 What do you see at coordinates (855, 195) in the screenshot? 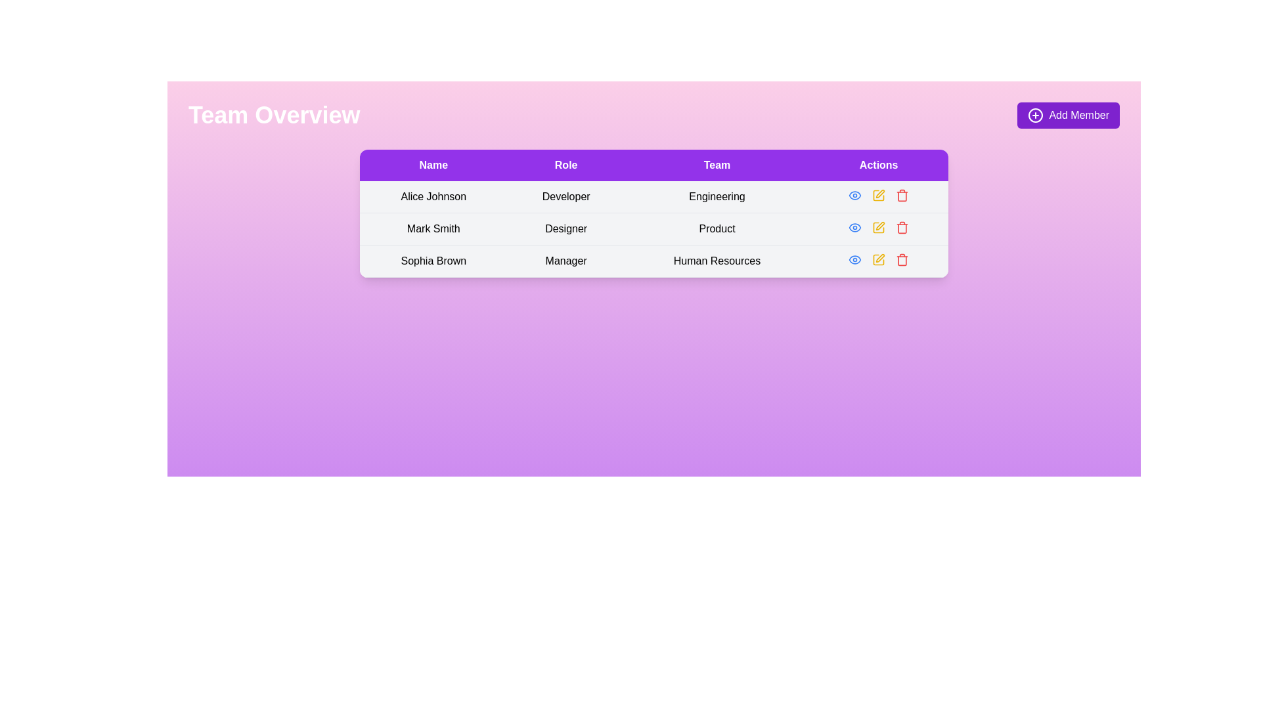
I see `the button in the 'Actions' column of the first row` at bounding box center [855, 195].